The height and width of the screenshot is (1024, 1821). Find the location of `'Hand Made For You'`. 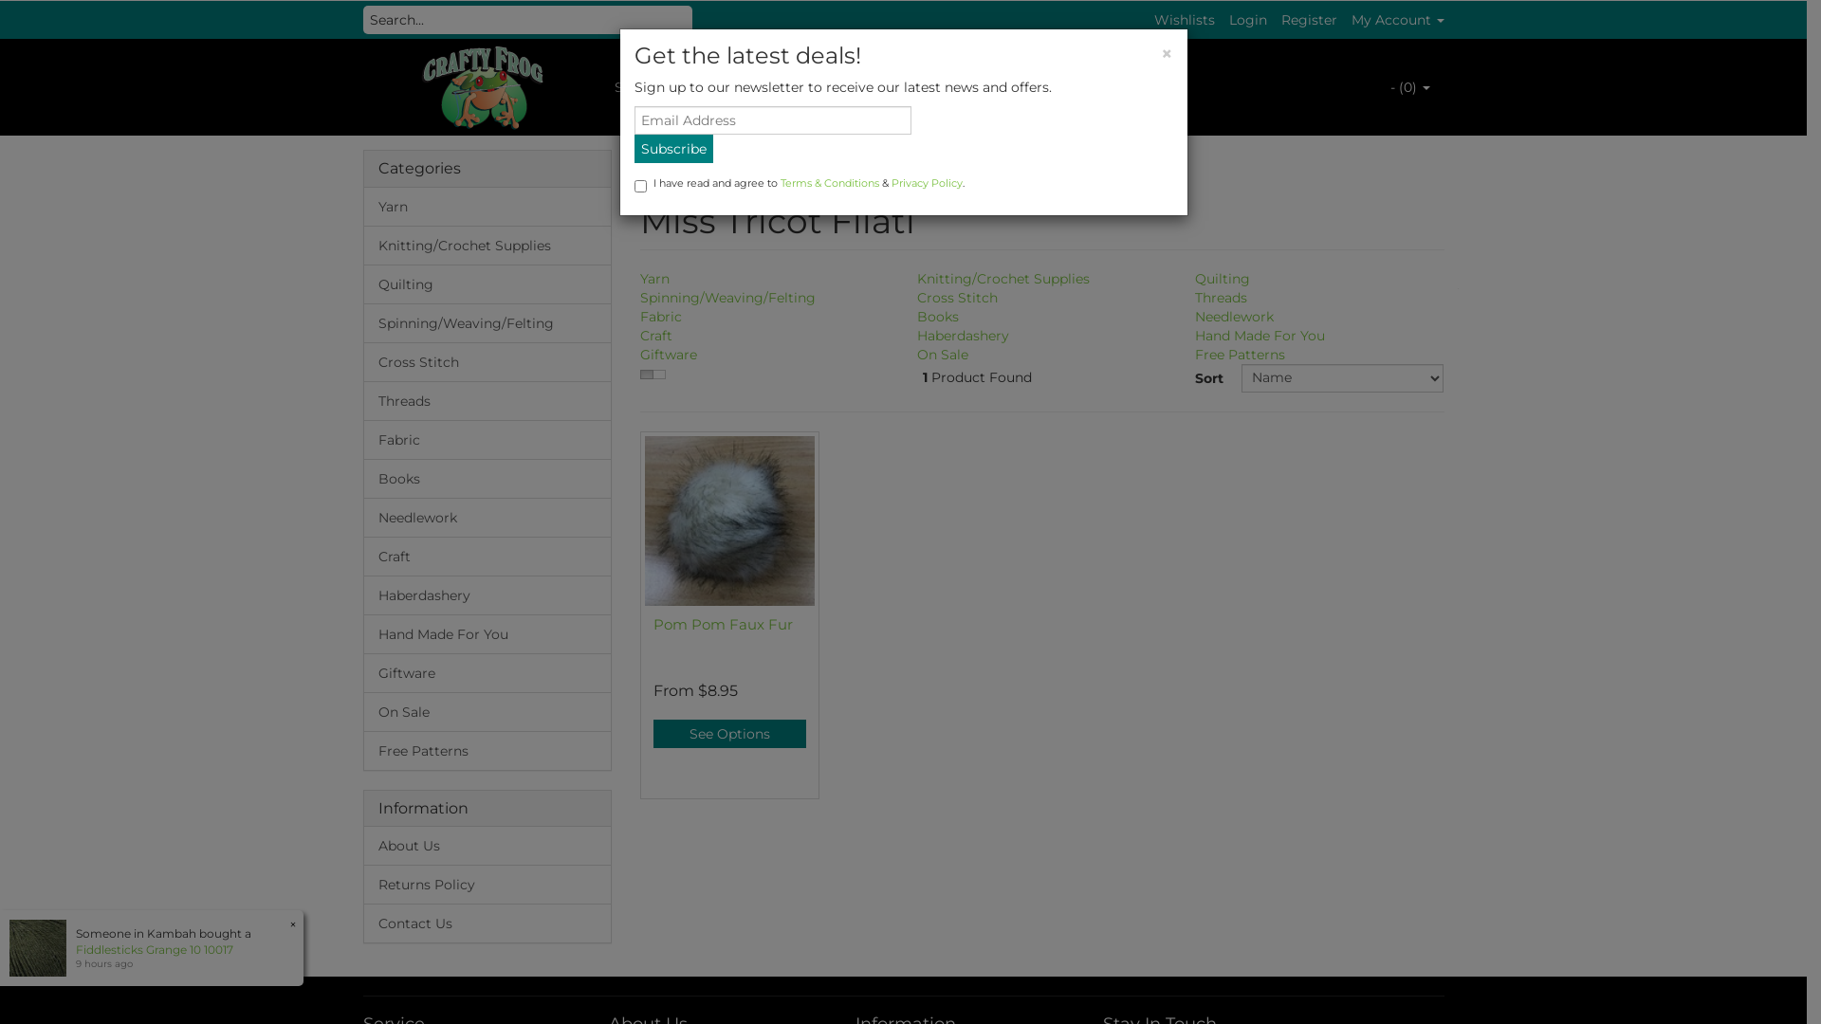

'Hand Made For You' is located at coordinates (1260, 335).